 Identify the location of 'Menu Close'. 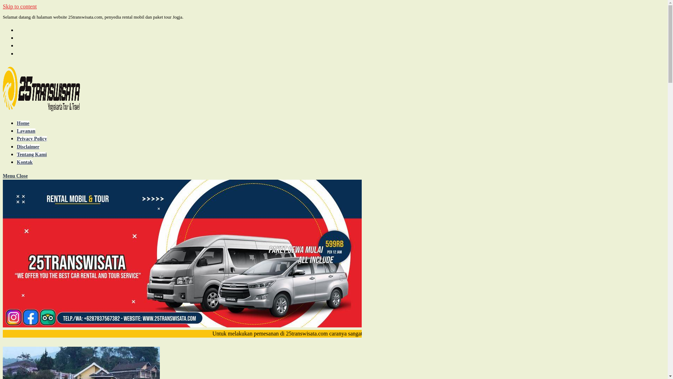
(3, 175).